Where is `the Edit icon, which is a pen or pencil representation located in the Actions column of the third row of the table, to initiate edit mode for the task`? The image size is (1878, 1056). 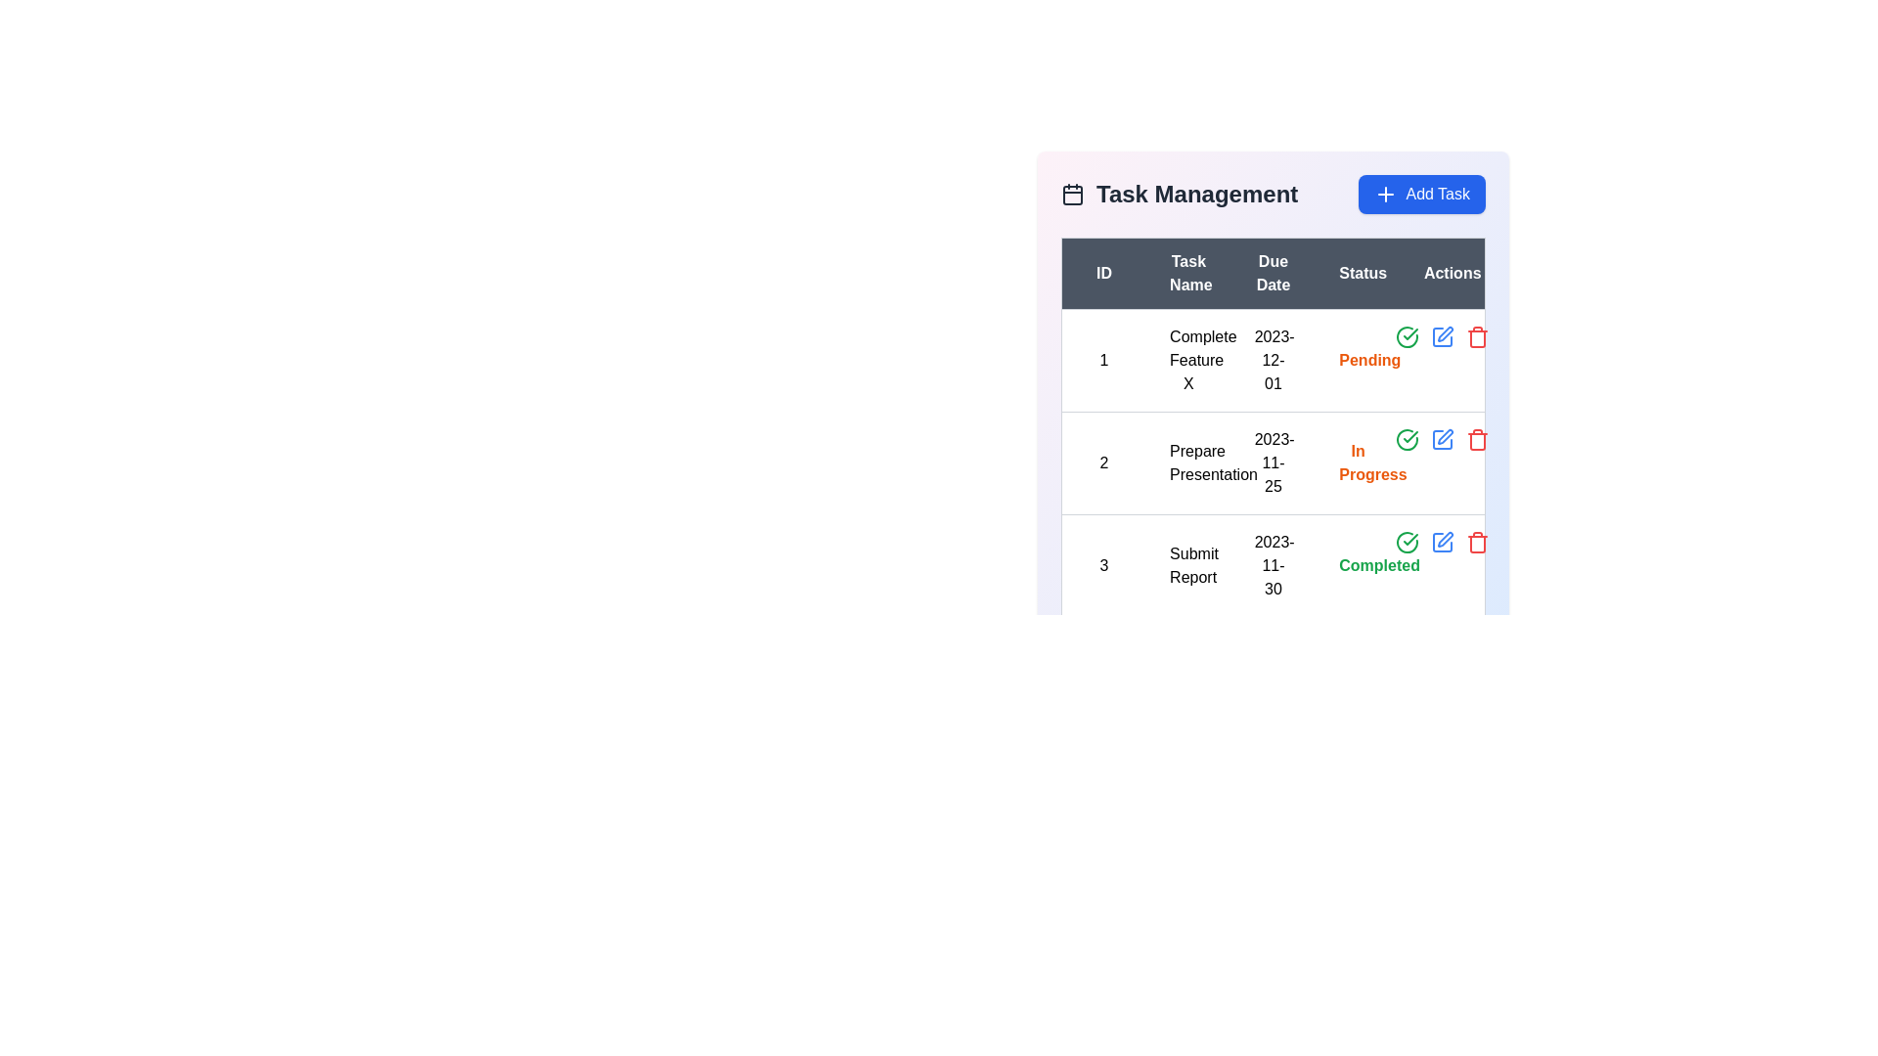
the Edit icon, which is a pen or pencil representation located in the Actions column of the third row of the table, to initiate edit mode for the task is located at coordinates (1446, 539).